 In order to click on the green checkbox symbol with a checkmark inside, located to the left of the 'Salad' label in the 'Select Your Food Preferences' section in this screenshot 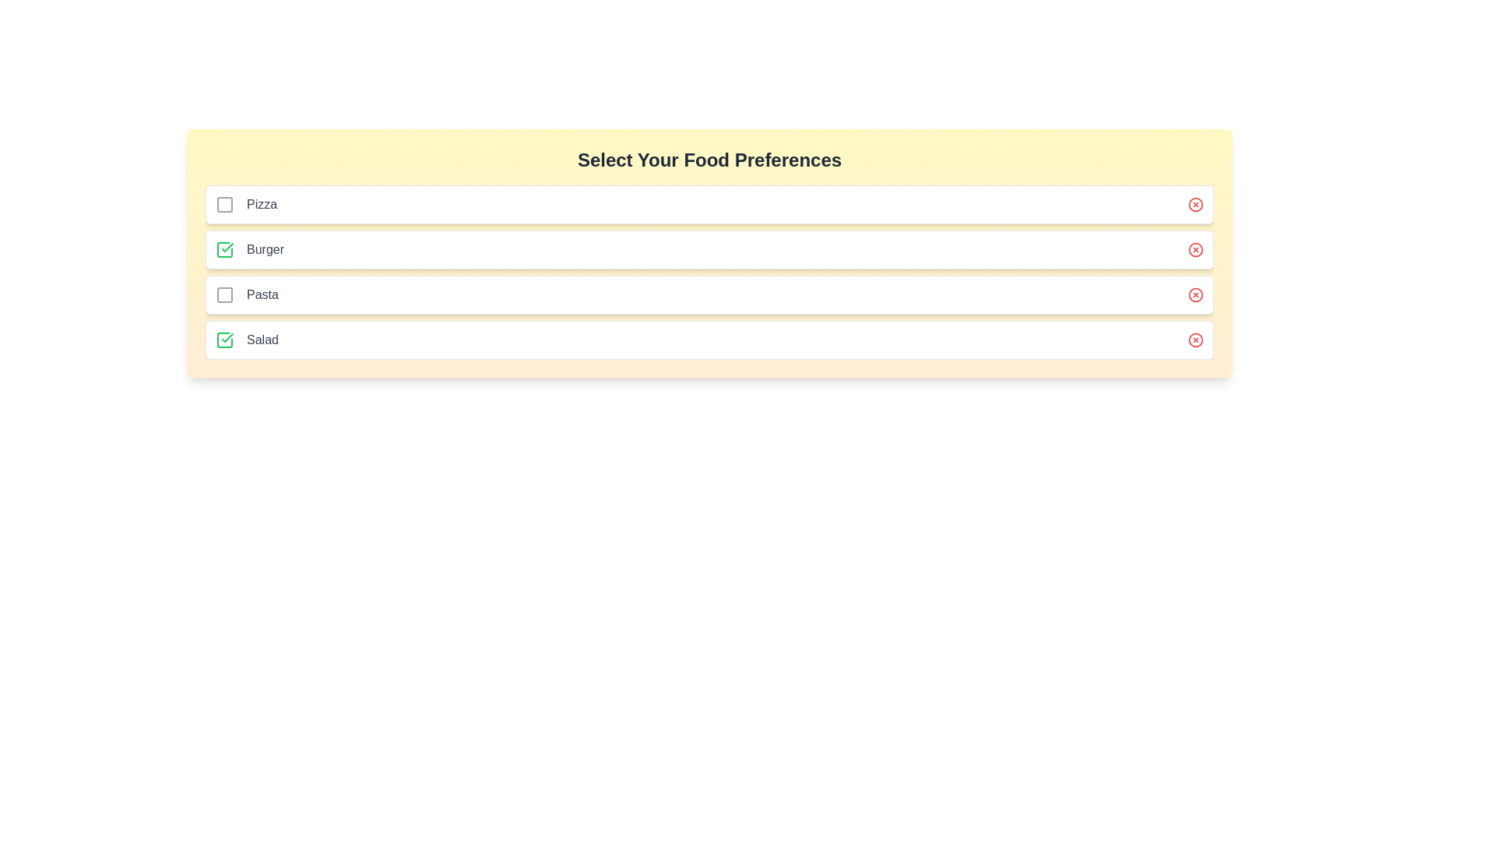, I will do `click(223, 339)`.